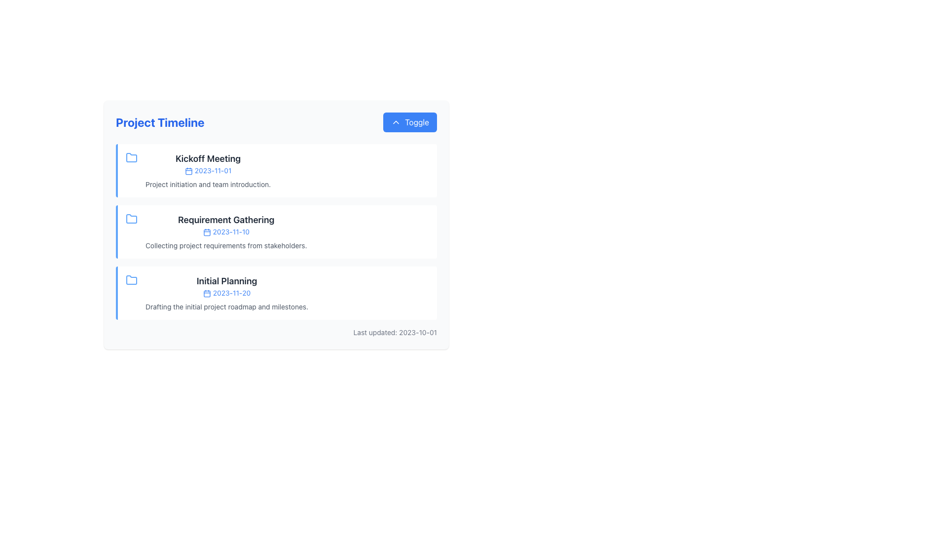 The height and width of the screenshot is (533, 947). I want to click on the text element displaying the date for the 'Kickoff Meeting' event, located below the heading and above the description in the 'Project Timeline' section, so click(208, 170).